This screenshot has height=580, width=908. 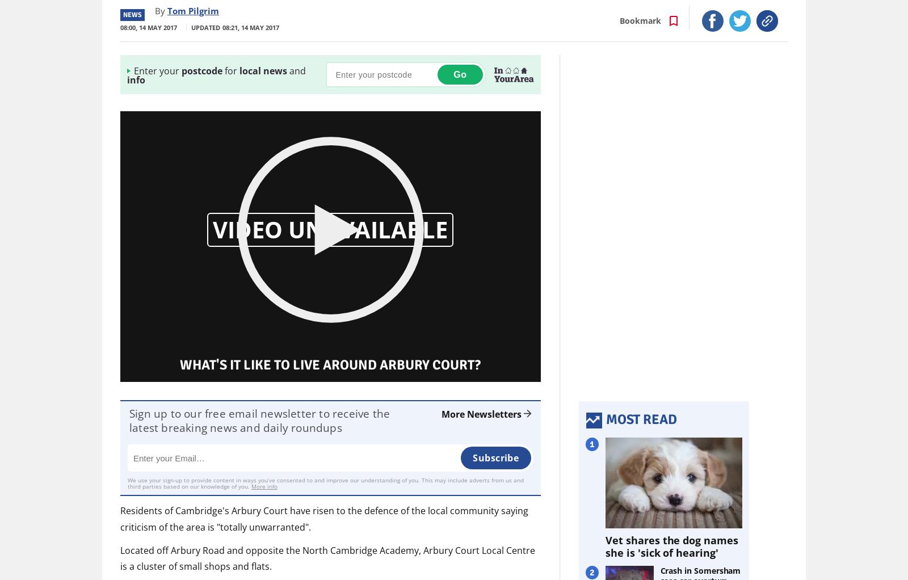 I want to click on 'We use your sign-up to provide content in ways you’ve consented to and improve our understanding of you. This may include adverts from us and third parties based on our knowledge of you.', so click(x=127, y=483).